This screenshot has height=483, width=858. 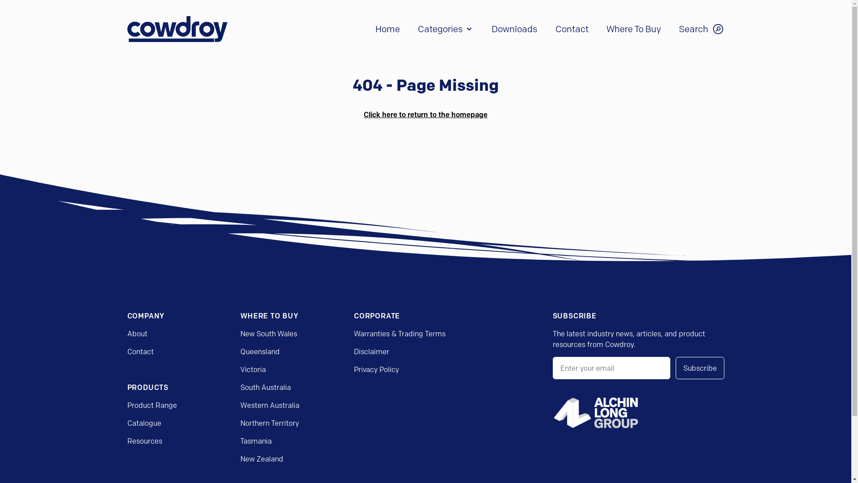 What do you see at coordinates (387, 29) in the screenshot?
I see `'Home'` at bounding box center [387, 29].